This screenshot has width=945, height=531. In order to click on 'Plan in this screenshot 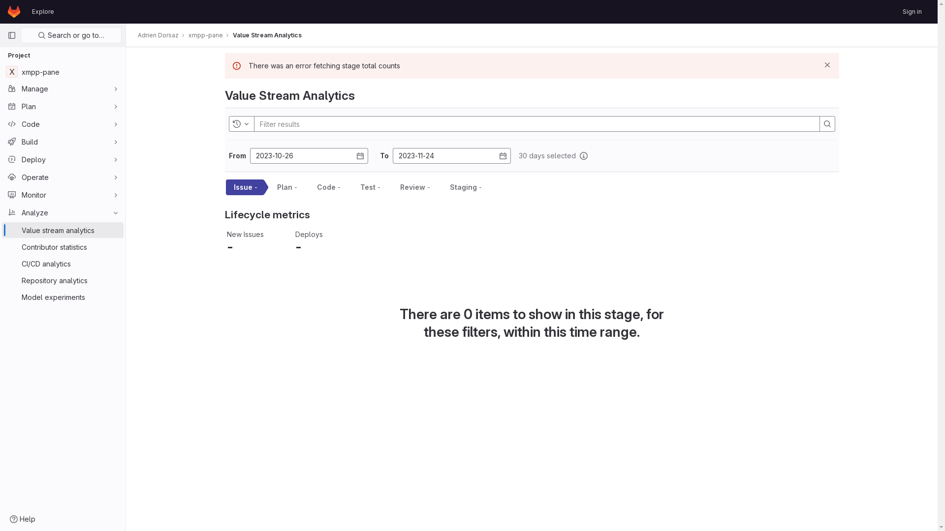, I will do `click(284, 187)`.